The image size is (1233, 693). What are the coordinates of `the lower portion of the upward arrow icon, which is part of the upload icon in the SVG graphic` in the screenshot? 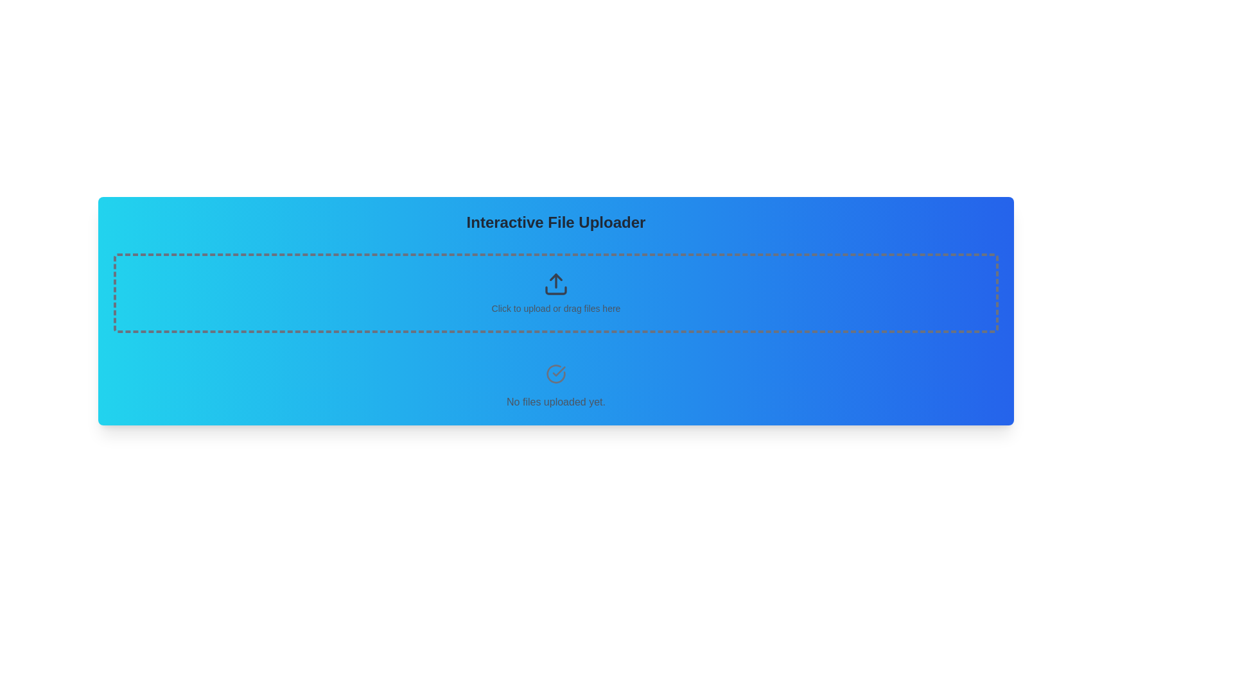 It's located at (555, 290).